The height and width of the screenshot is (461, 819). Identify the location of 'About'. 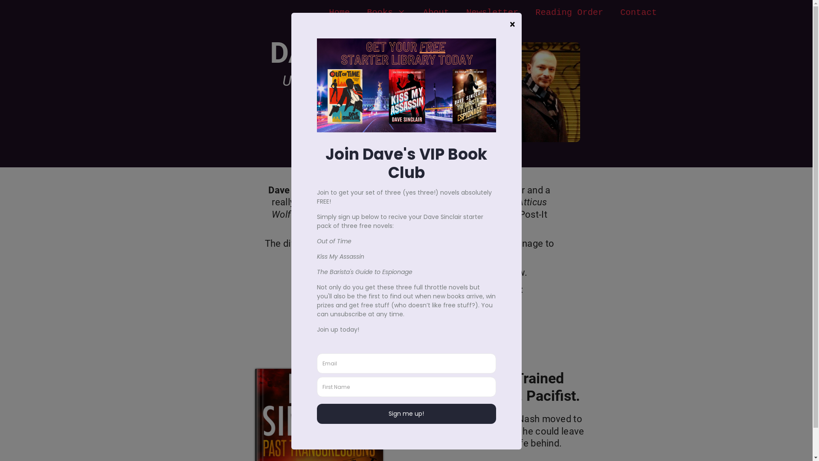
(436, 13).